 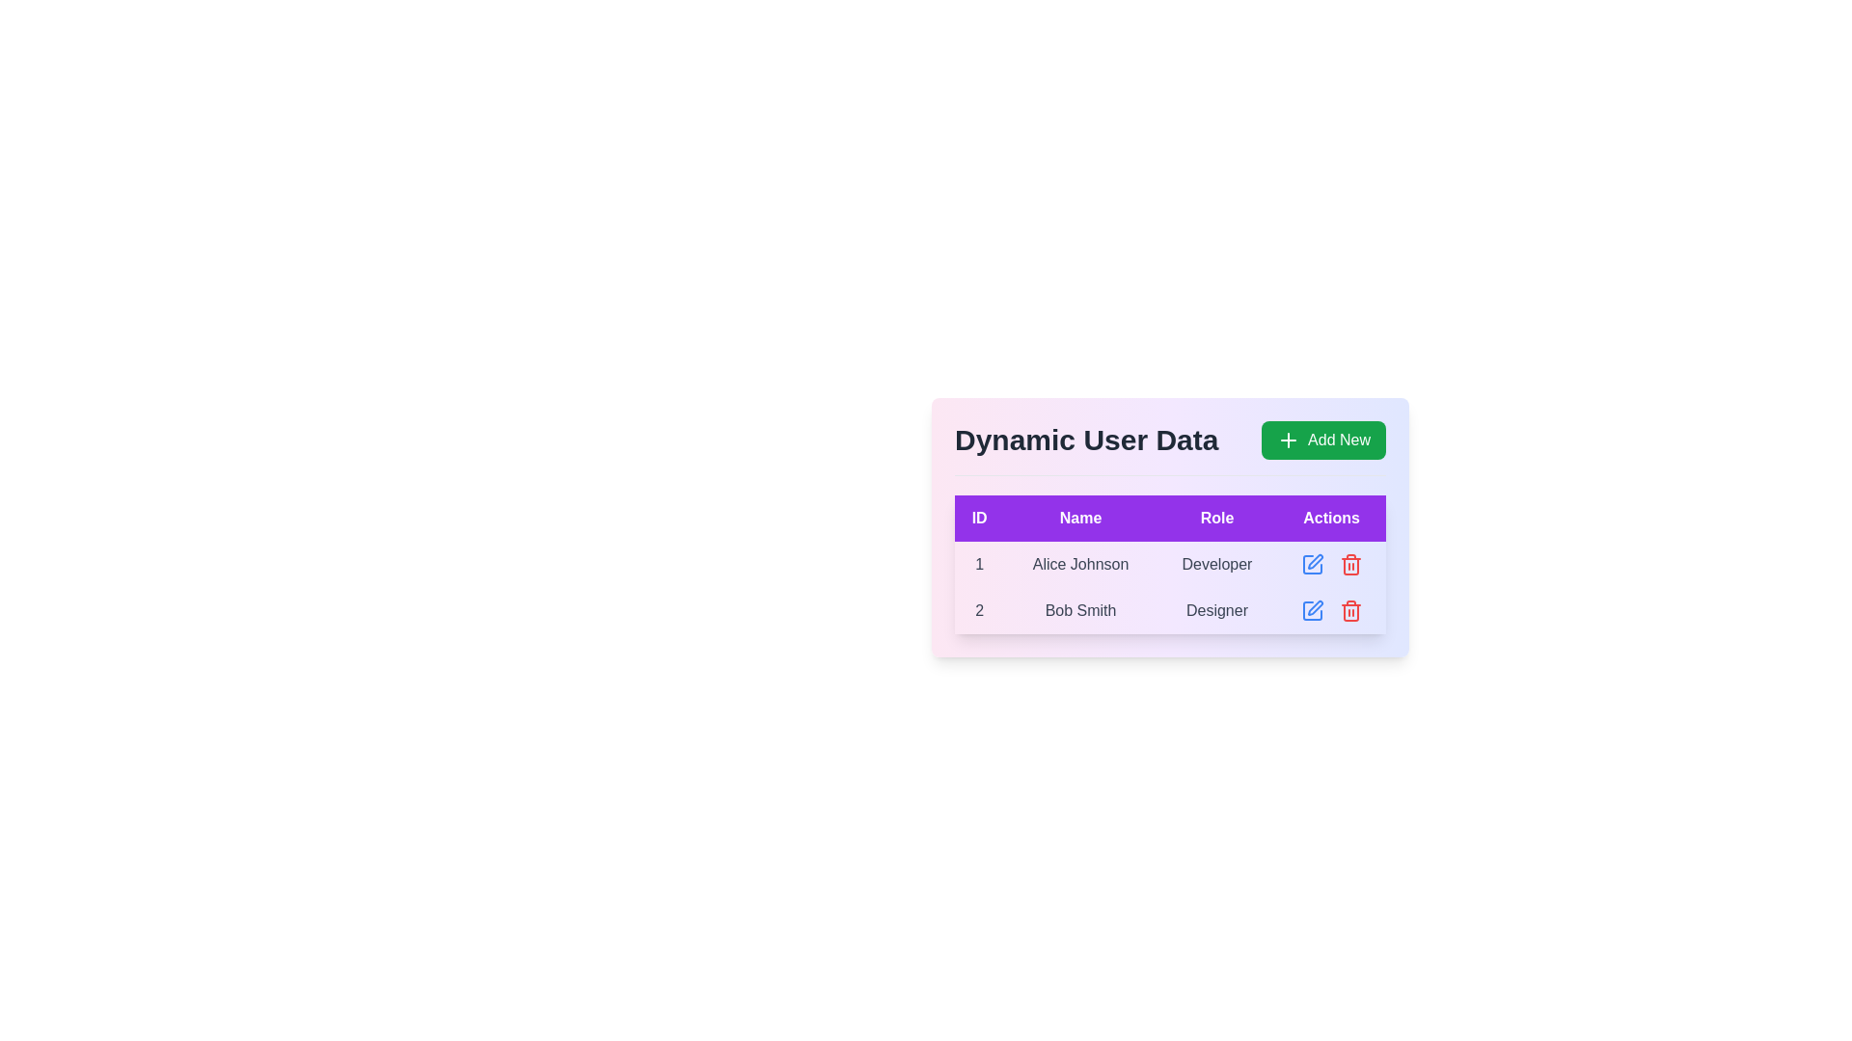 I want to click on the text label displaying the name of the user in the second row of the table under the 'Name' column, which is aligned with ID '2' and Role 'Designer', so click(x=1080, y=610).